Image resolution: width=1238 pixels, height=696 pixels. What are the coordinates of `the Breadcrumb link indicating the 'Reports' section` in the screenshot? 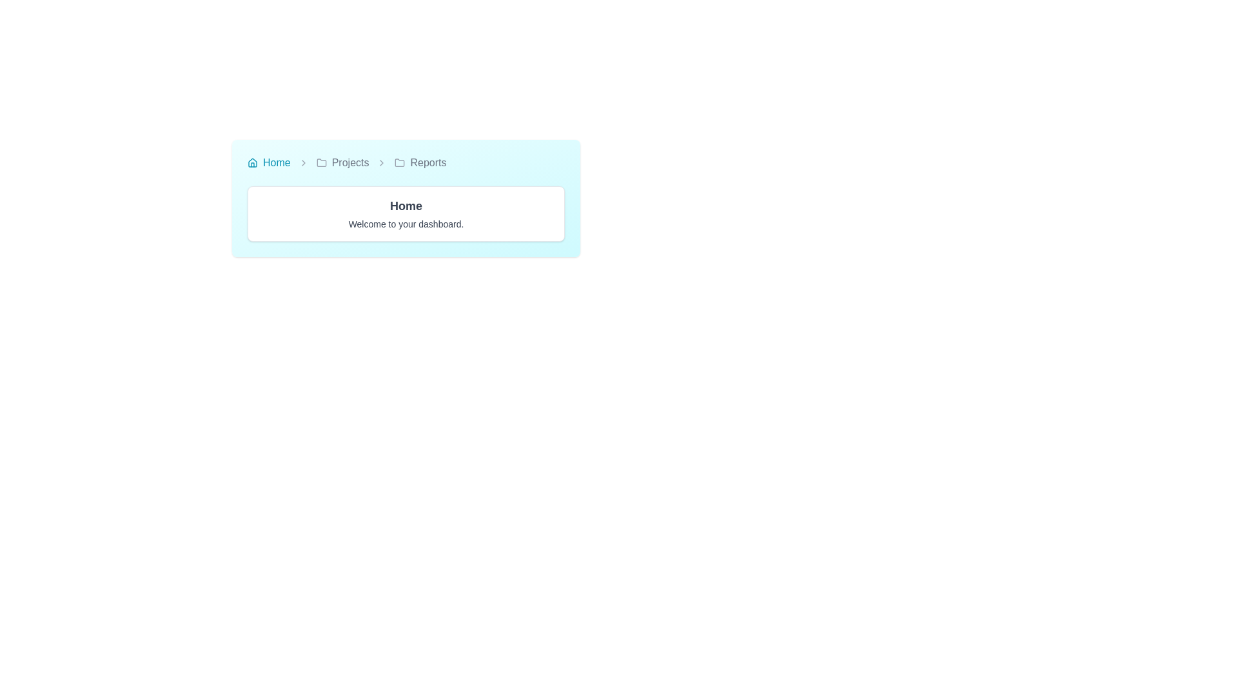 It's located at (420, 162).